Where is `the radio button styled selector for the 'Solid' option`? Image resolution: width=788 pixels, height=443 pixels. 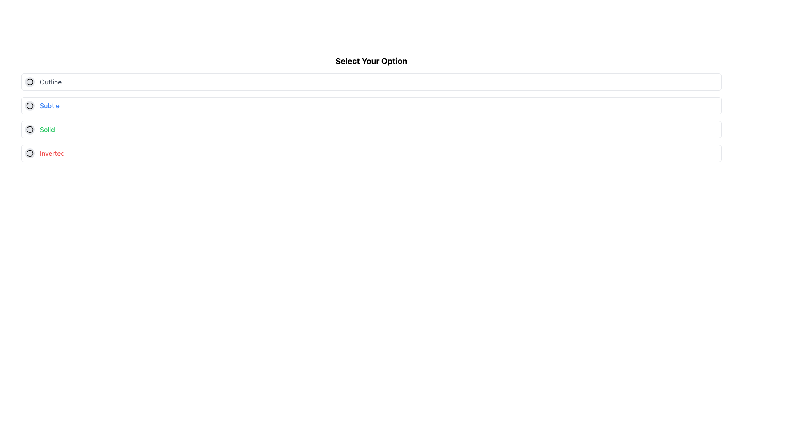 the radio button styled selector for the 'Solid' option is located at coordinates (30, 129).